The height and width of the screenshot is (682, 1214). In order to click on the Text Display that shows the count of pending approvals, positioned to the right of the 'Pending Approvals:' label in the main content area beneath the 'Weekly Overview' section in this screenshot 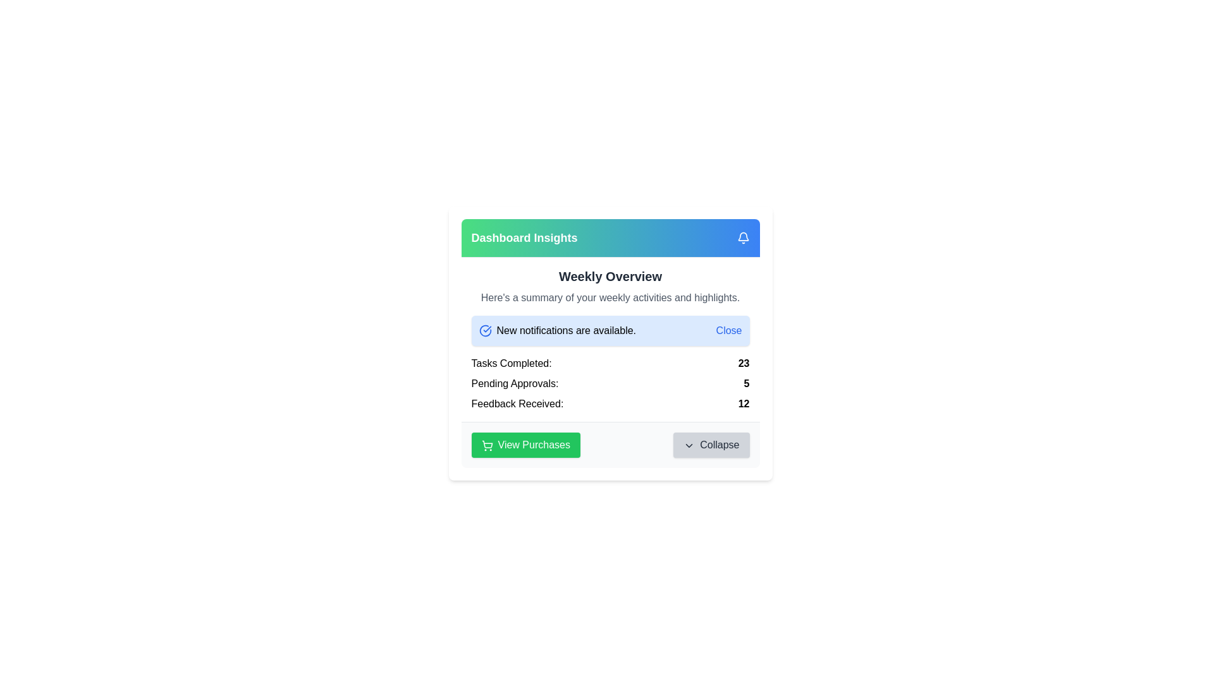, I will do `click(746, 383)`.